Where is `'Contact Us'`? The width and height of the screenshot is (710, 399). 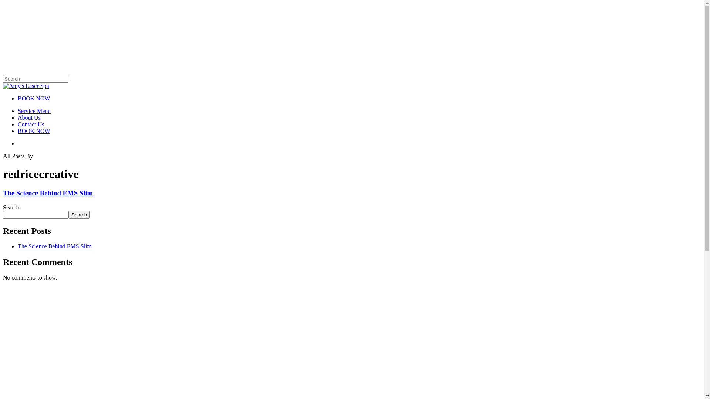
'Contact Us' is located at coordinates (30, 124).